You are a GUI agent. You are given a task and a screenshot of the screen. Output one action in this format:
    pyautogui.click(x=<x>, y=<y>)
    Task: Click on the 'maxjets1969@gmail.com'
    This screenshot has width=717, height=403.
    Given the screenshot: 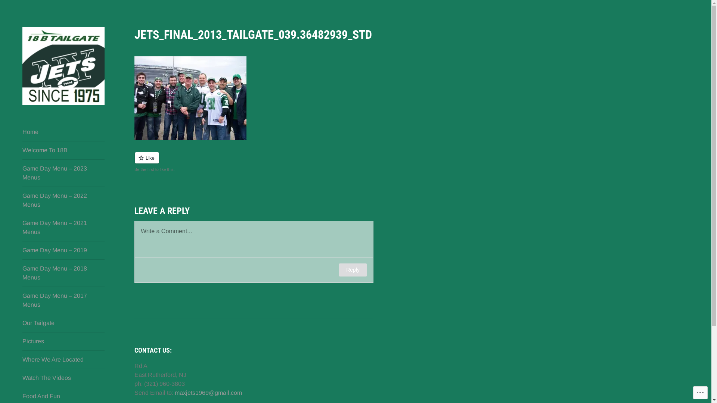 What is the action you would take?
    pyautogui.click(x=208, y=392)
    